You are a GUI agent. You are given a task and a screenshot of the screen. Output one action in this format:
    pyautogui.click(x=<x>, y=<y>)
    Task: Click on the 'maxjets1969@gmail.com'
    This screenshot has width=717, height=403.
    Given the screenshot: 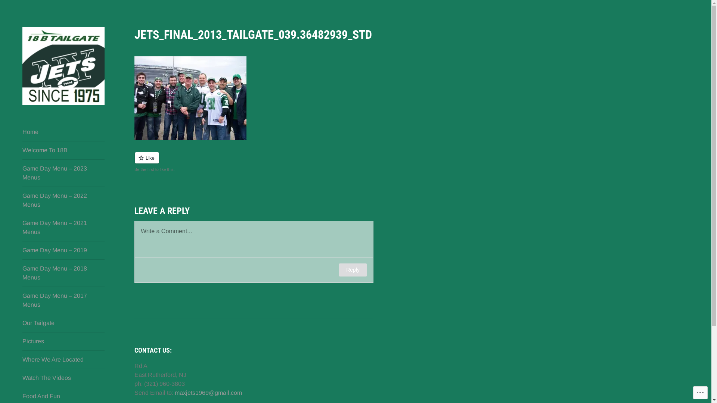 What is the action you would take?
    pyautogui.click(x=208, y=392)
    